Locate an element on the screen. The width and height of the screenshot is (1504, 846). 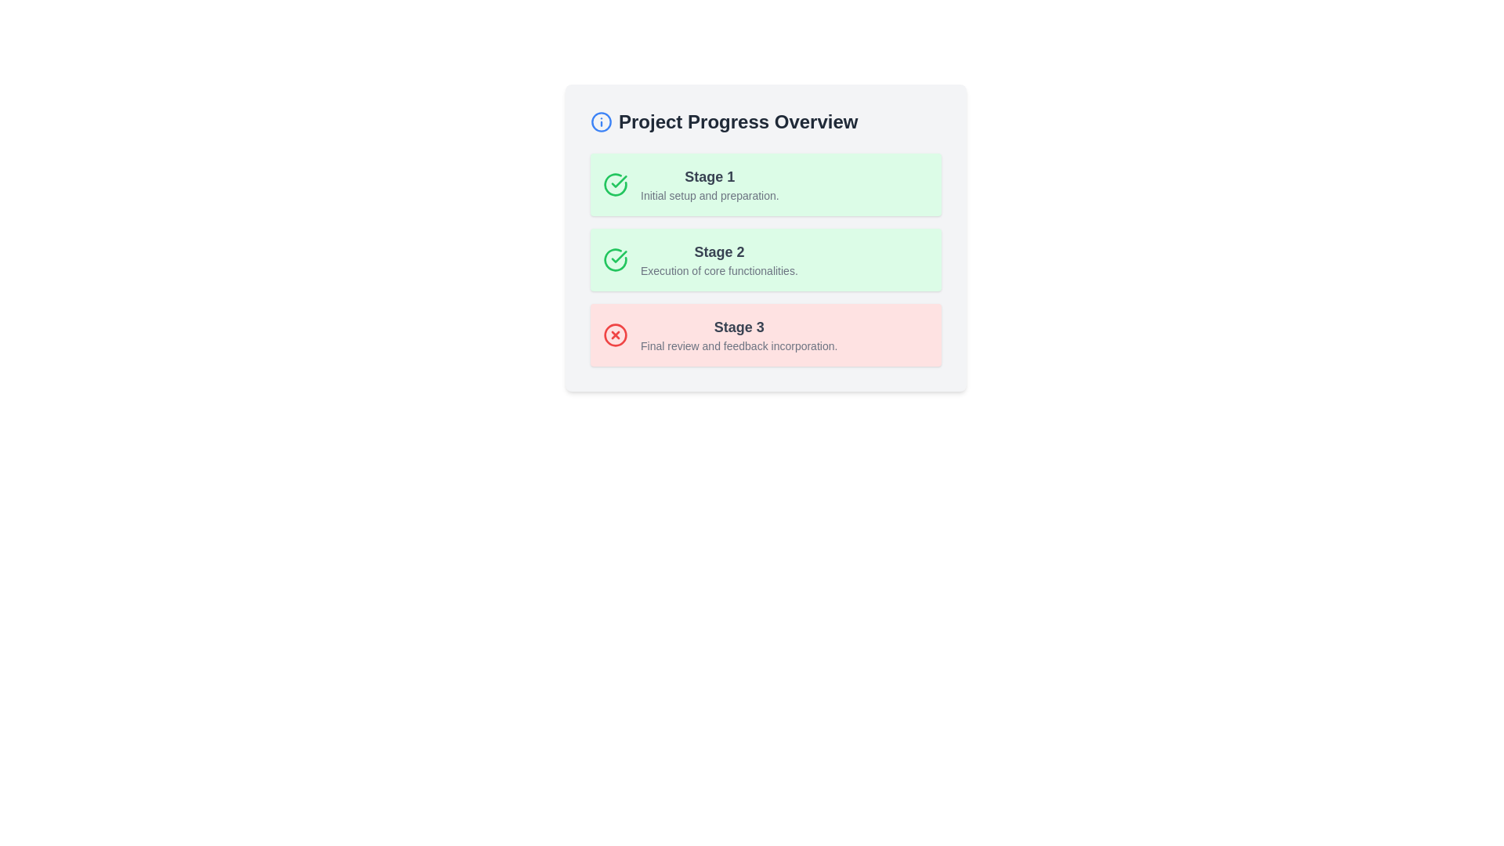
the green checkmark indicating completion, located in the second row of the progress indicator panel, to the left of the text 'Stage 2: Execution of core functionalities.' is located at coordinates (618, 180).